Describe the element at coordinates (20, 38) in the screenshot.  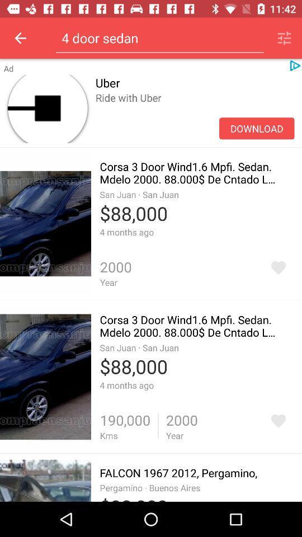
I see `icon above the ad item` at that location.